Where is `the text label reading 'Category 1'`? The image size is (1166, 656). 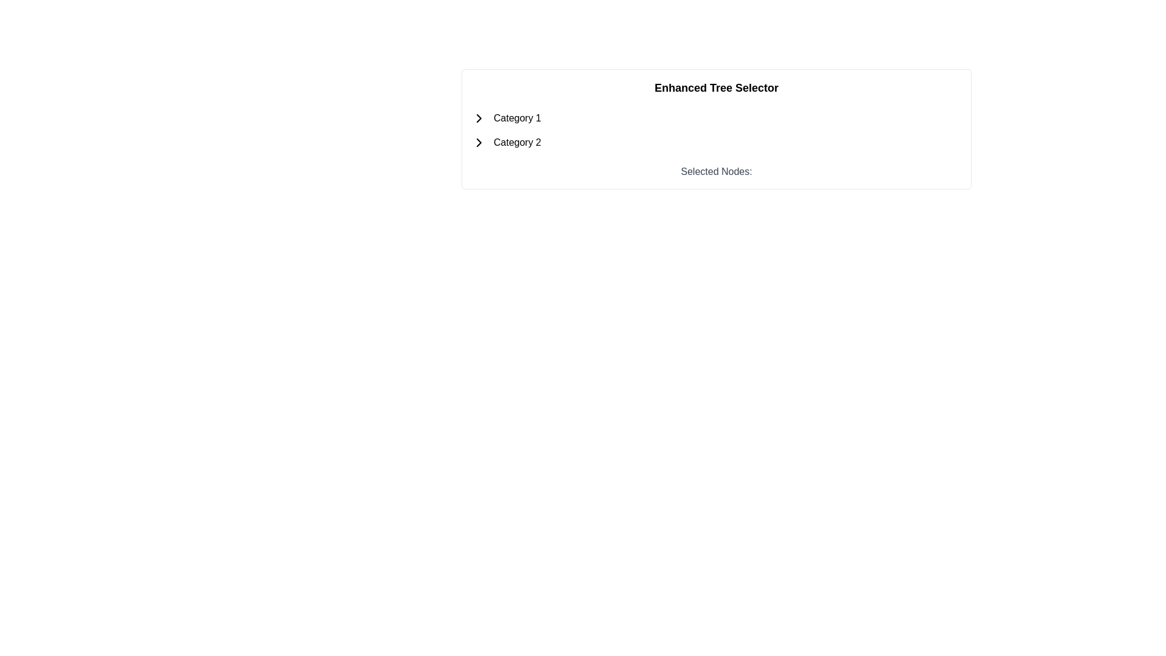
the text label reading 'Category 1' is located at coordinates (514, 118).